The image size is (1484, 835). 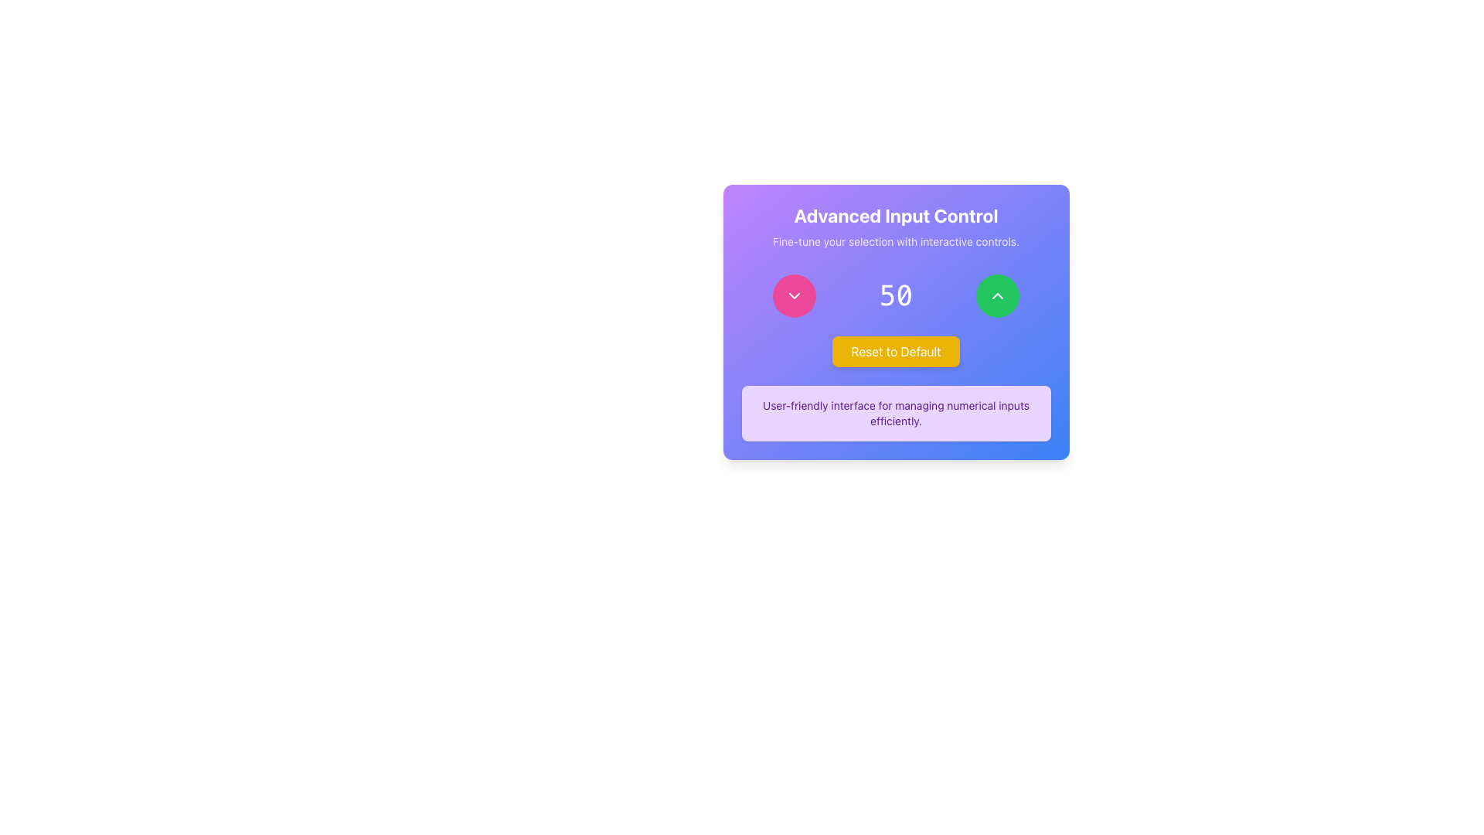 What do you see at coordinates (997, 295) in the screenshot?
I see `the increment icon located within a green circular button on the right side of a numeric input section to increment the number by one unit` at bounding box center [997, 295].